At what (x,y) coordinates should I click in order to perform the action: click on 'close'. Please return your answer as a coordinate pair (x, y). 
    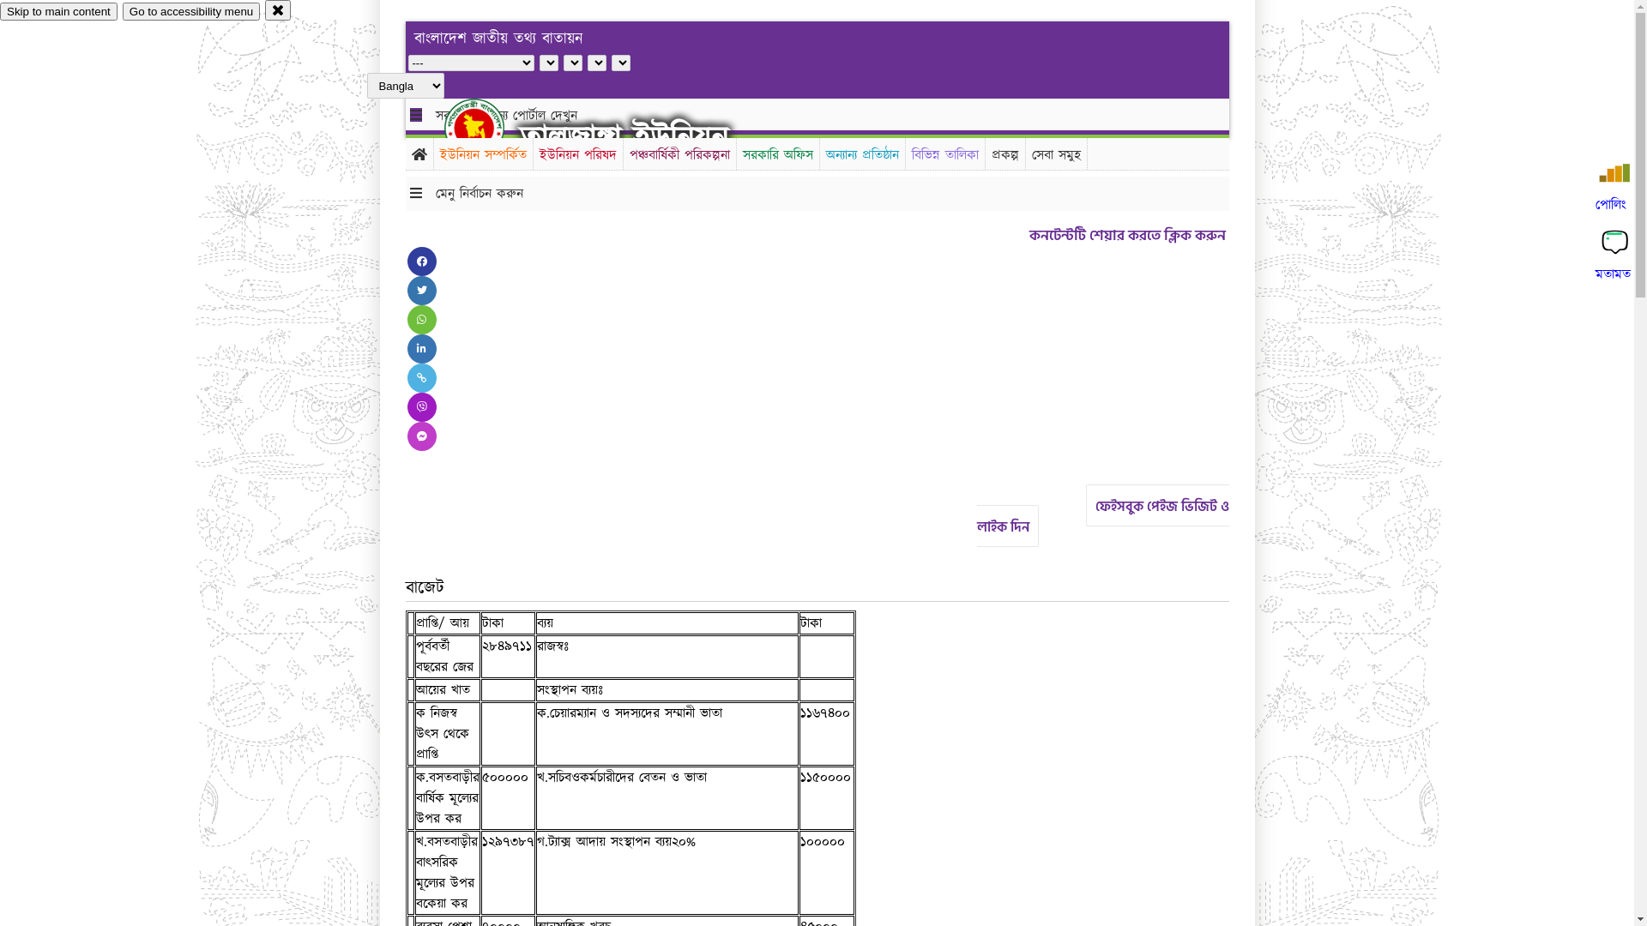
    Looking at the image, I should click on (278, 9).